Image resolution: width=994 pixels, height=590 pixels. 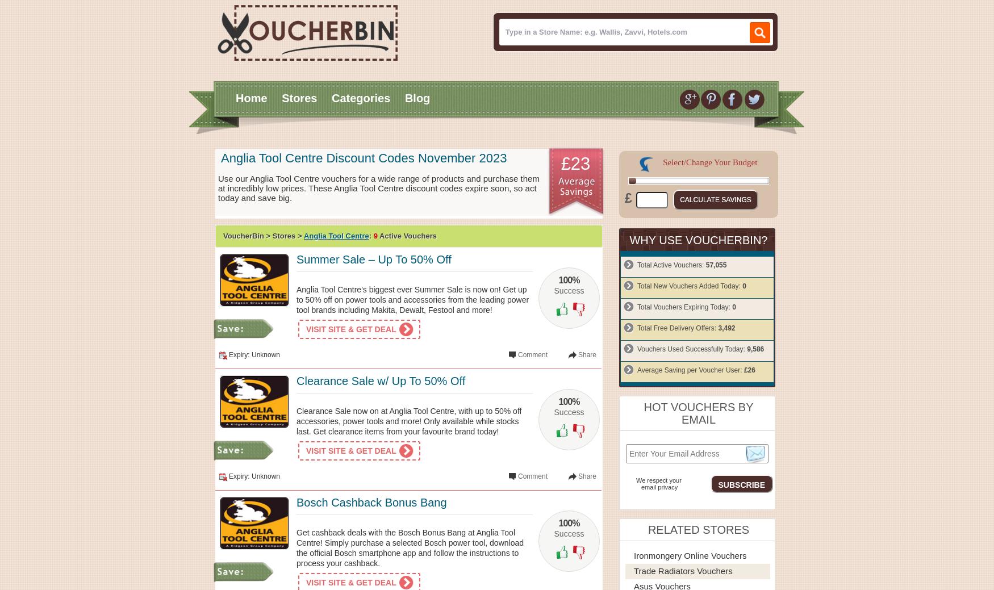 What do you see at coordinates (690, 555) in the screenshot?
I see `'Ironmongery Online Vouchers'` at bounding box center [690, 555].